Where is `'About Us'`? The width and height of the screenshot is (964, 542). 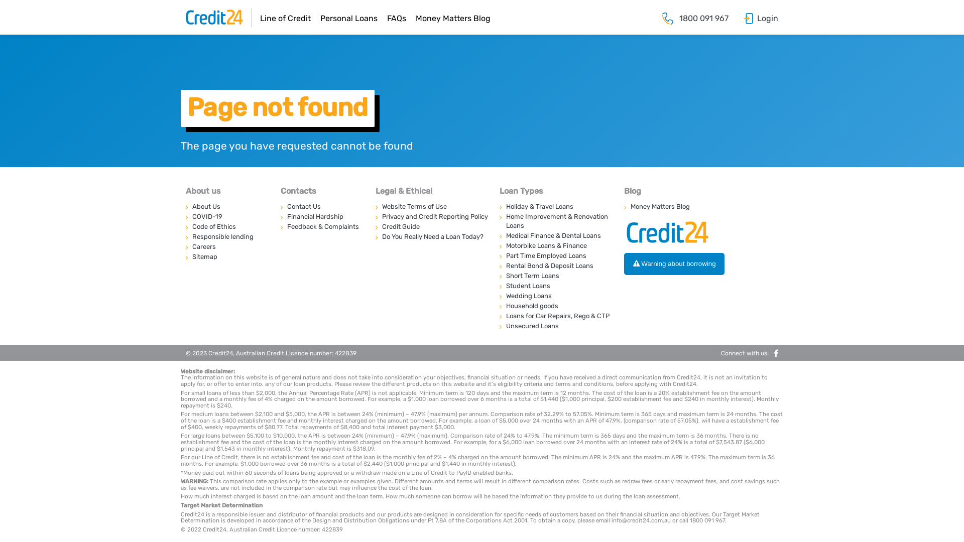
'About Us' is located at coordinates (226, 206).